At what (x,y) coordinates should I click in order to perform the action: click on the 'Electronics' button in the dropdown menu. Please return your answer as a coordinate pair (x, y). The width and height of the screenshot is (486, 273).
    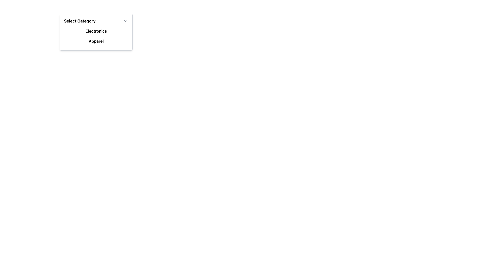
    Looking at the image, I should click on (96, 31).